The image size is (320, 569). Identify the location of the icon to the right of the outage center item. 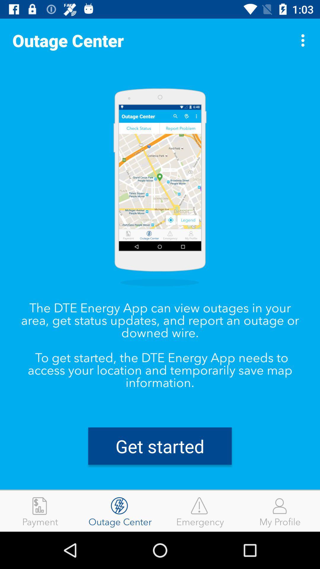
(200, 511).